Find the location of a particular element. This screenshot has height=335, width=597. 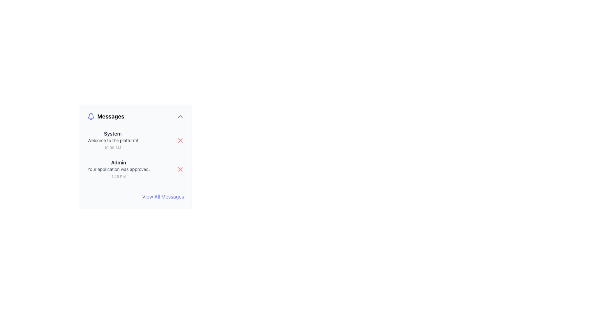

the second message notification item, which provides information about an application status update, located below the message 'SystemWelcome to the platform!10:00 AM' is located at coordinates (135, 171).